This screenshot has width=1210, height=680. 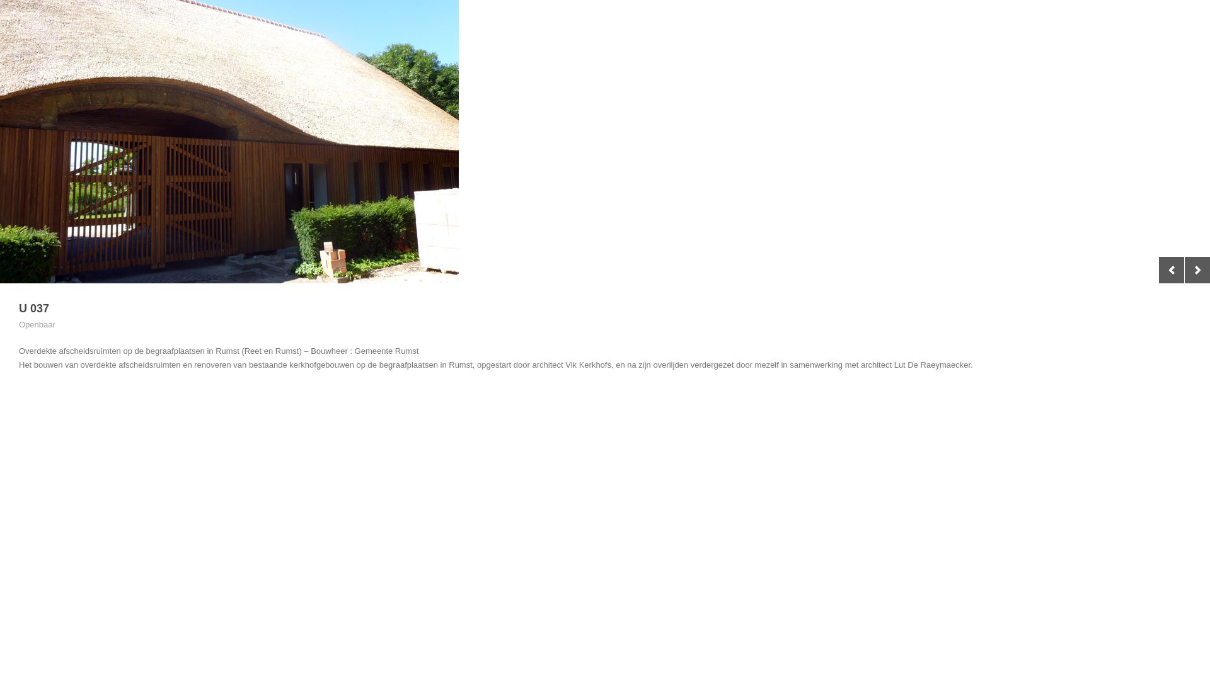 What do you see at coordinates (1158, 269) in the screenshot?
I see `'Previous'` at bounding box center [1158, 269].